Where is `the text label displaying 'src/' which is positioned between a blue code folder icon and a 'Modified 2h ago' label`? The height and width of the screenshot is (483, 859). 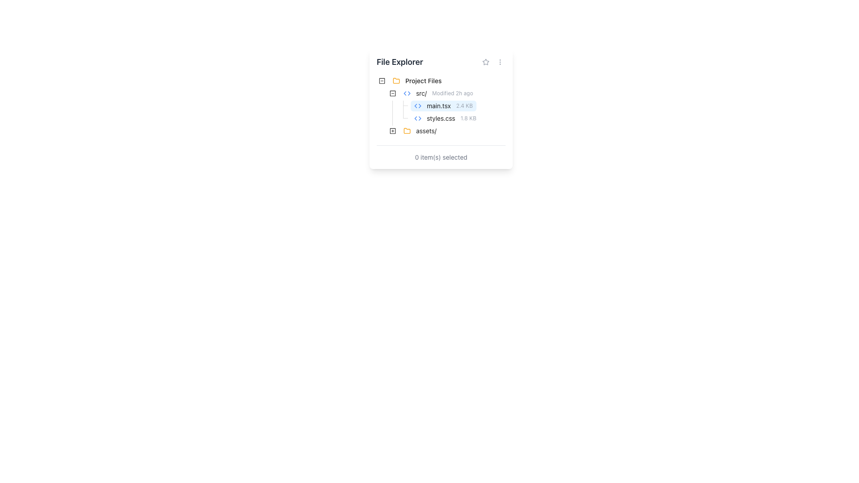
the text label displaying 'src/' which is positioned between a blue code folder icon and a 'Modified 2h ago' label is located at coordinates (421, 93).